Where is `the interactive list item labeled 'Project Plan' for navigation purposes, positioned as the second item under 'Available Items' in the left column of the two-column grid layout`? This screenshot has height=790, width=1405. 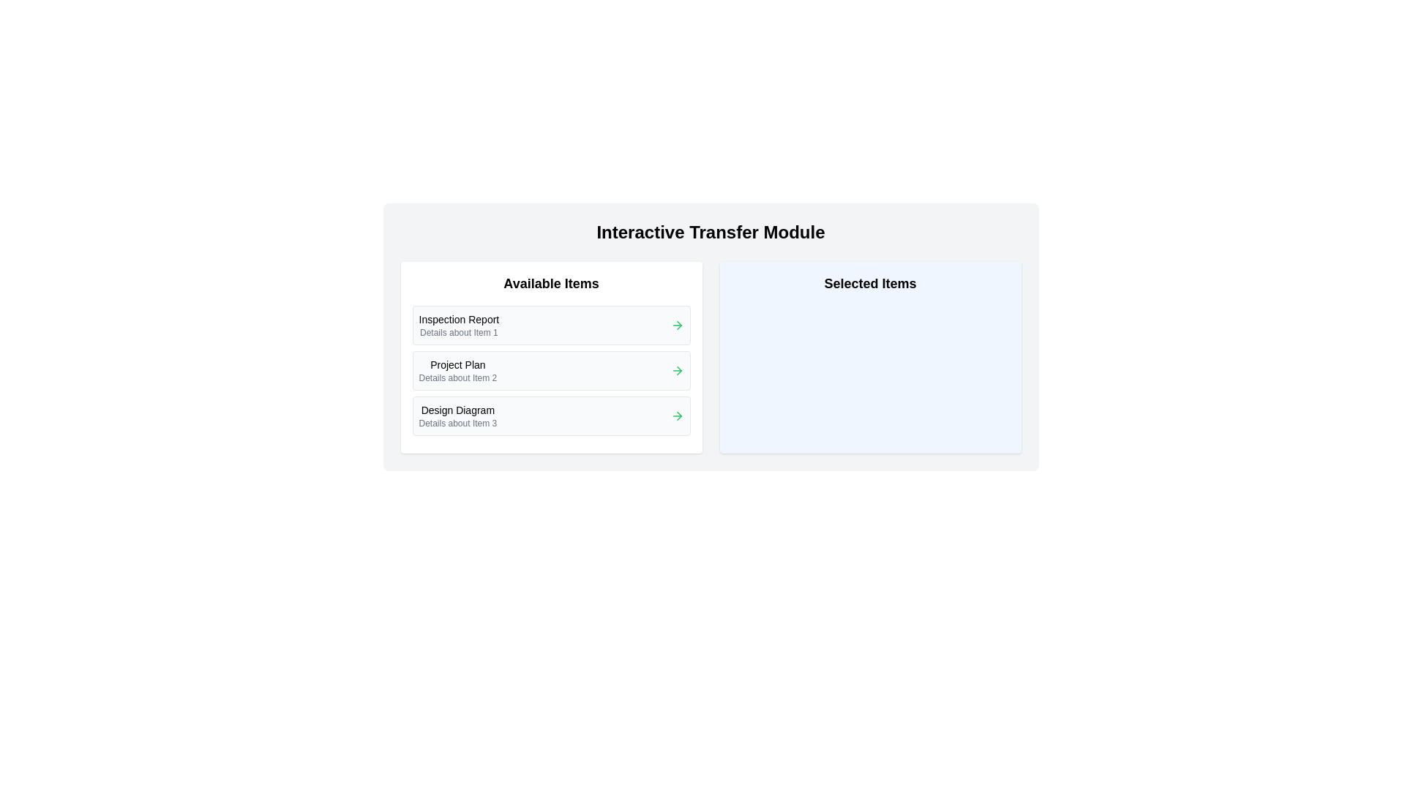
the interactive list item labeled 'Project Plan' for navigation purposes, positioned as the second item under 'Available Items' in the left column of the two-column grid layout is located at coordinates (550, 358).